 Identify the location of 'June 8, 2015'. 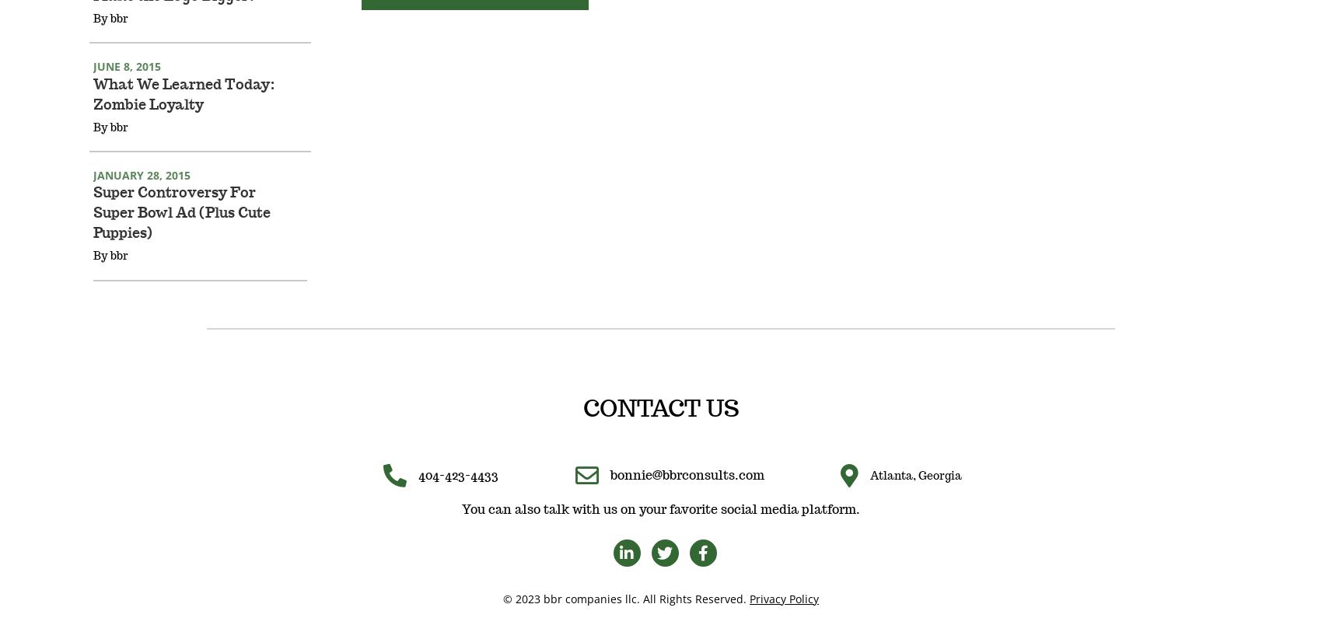
(126, 87).